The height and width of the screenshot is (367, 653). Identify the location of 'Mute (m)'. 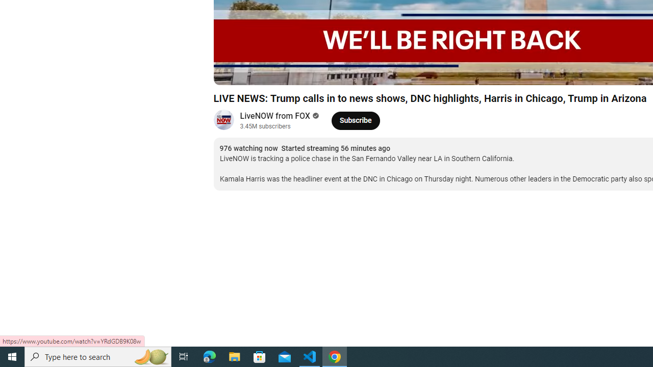
(280, 72).